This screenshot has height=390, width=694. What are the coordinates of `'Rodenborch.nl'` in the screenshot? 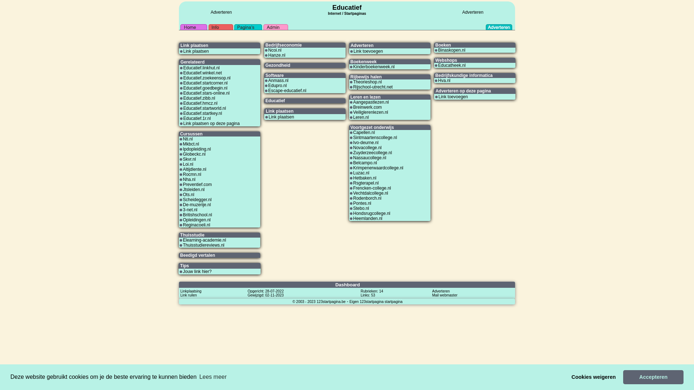 It's located at (367, 198).